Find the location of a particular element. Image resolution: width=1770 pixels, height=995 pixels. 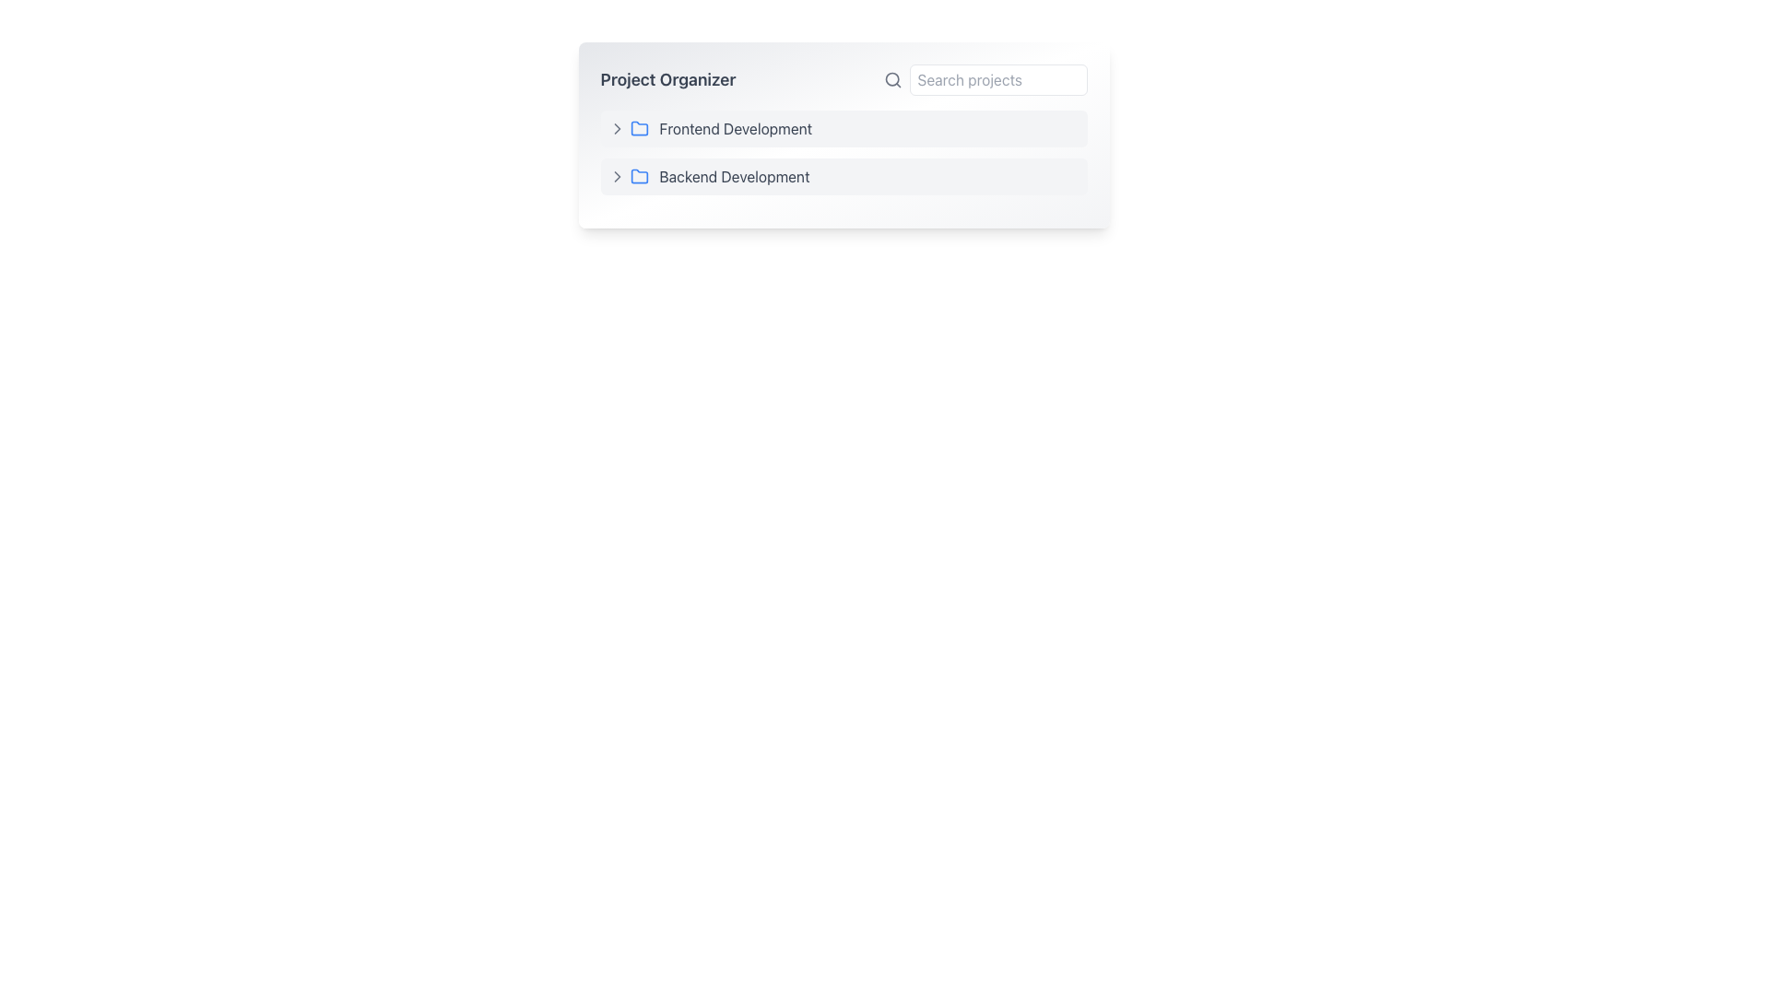

the search icon located immediately to the left of the 'Search projects' text input field in the 'Project Organizer' section is located at coordinates (892, 79).